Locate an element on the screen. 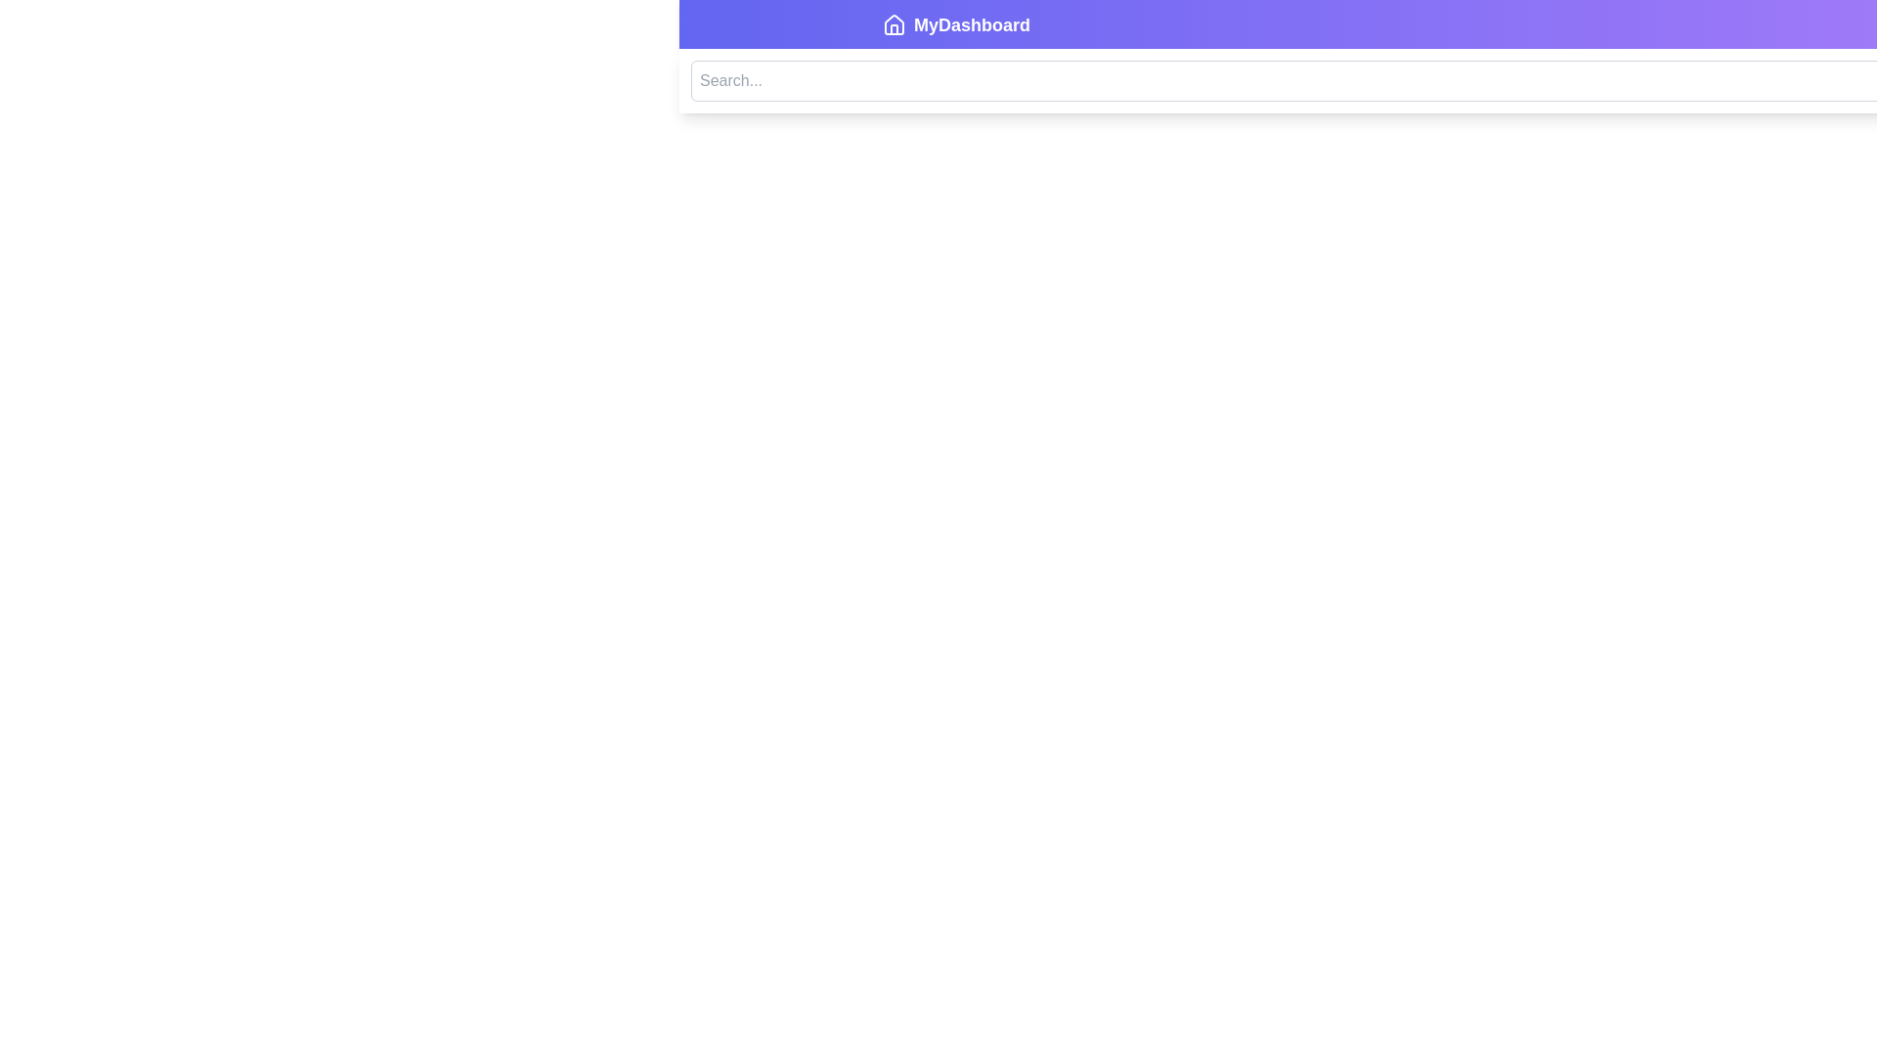 This screenshot has height=1056, width=1877. the house-shaped SVG graphic icon located is located at coordinates (894, 23).